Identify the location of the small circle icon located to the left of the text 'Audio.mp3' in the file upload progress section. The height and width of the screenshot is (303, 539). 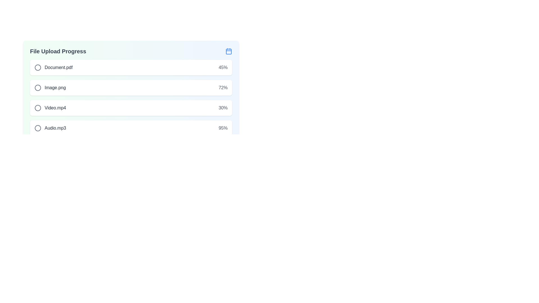
(37, 128).